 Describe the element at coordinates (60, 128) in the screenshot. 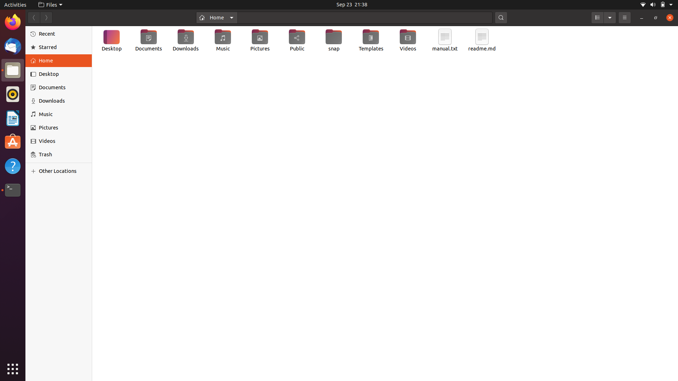

I see `Go to the "Pictures" tab on the screen` at that location.